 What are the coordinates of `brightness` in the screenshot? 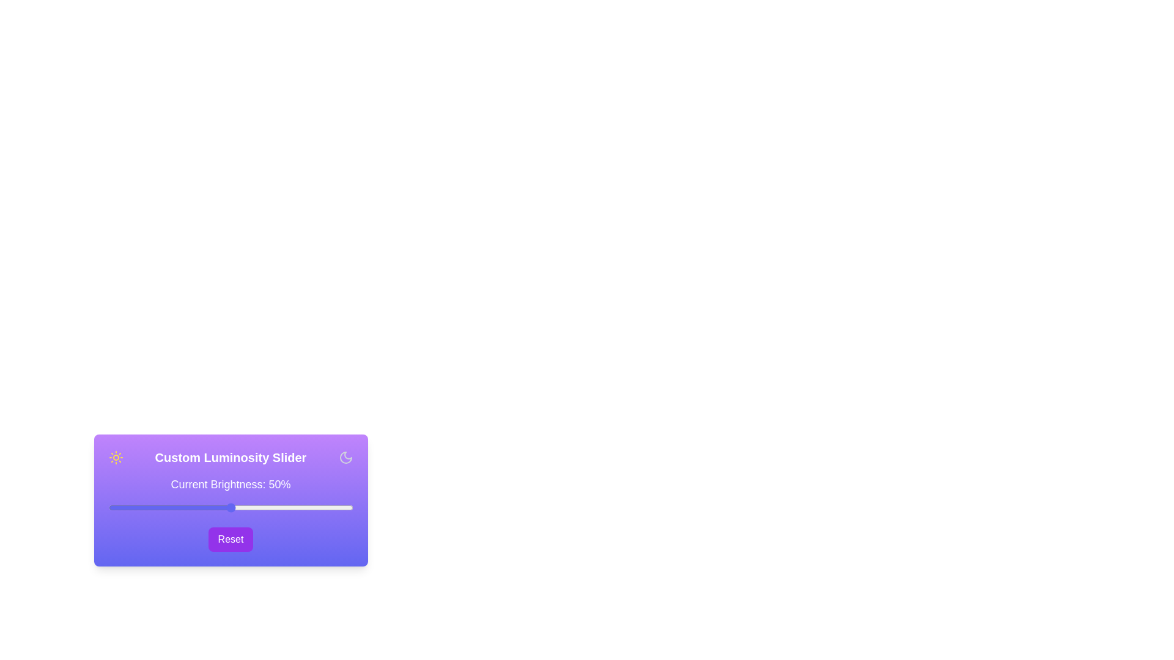 It's located at (257, 507).